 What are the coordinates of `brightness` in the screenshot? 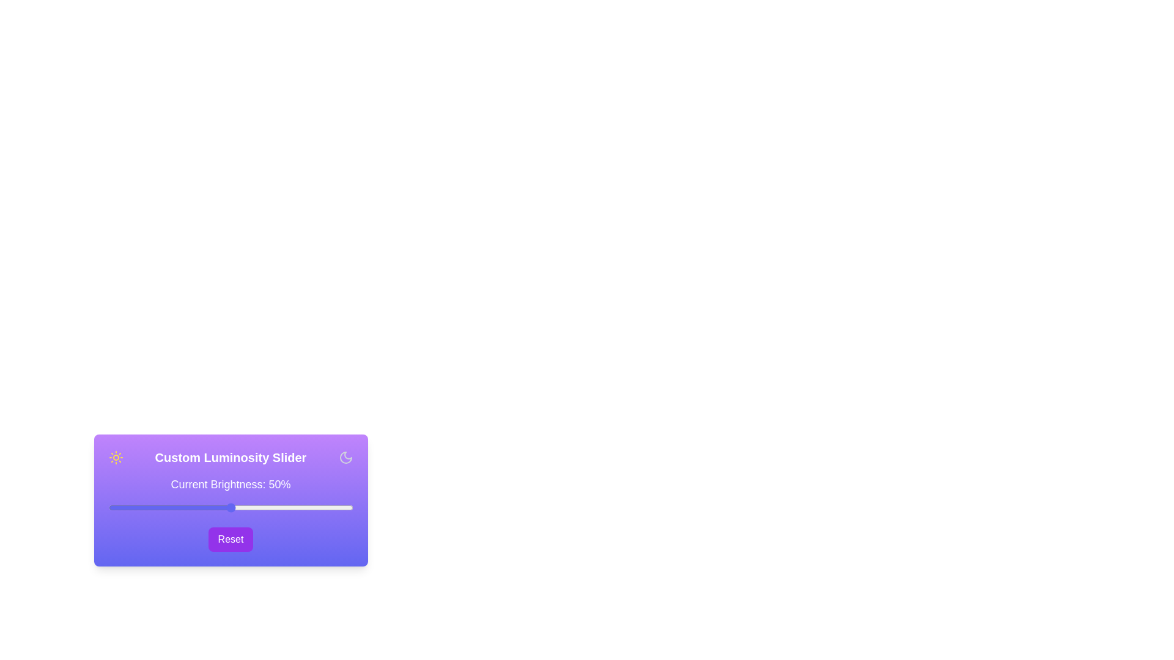 It's located at (257, 507).